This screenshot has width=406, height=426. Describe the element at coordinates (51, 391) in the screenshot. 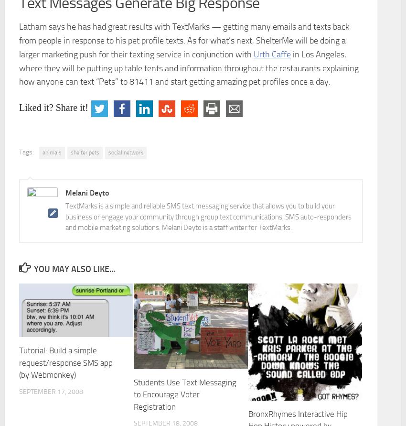

I see `'September 17, 2008'` at that location.